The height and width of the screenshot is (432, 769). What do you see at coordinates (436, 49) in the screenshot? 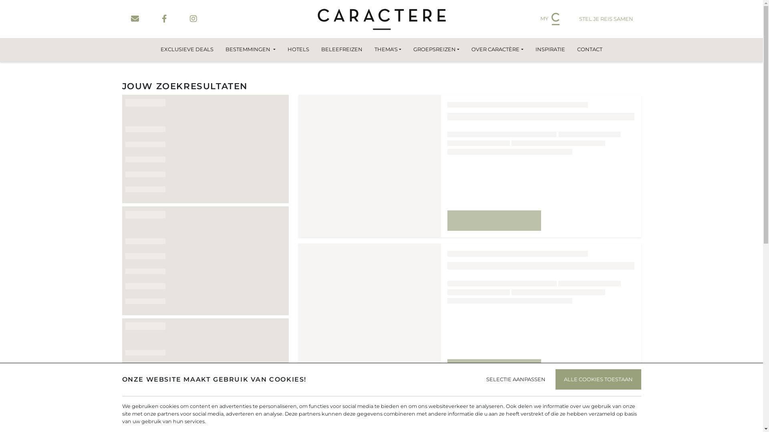
I see `'GROEPSREIZEN'` at bounding box center [436, 49].